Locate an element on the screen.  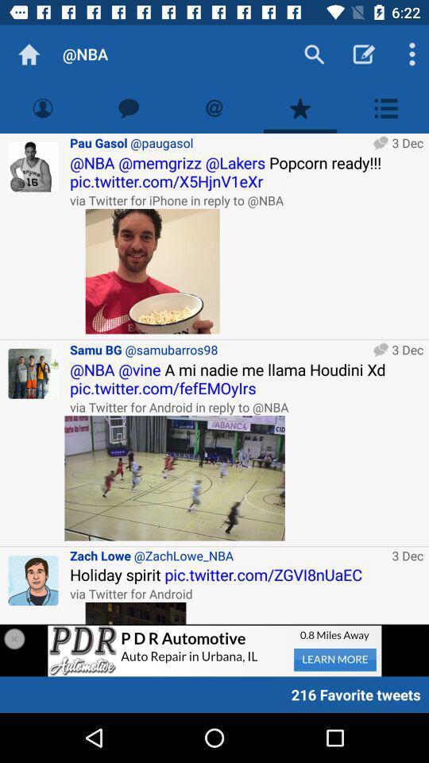
show profile is located at coordinates (43, 107).